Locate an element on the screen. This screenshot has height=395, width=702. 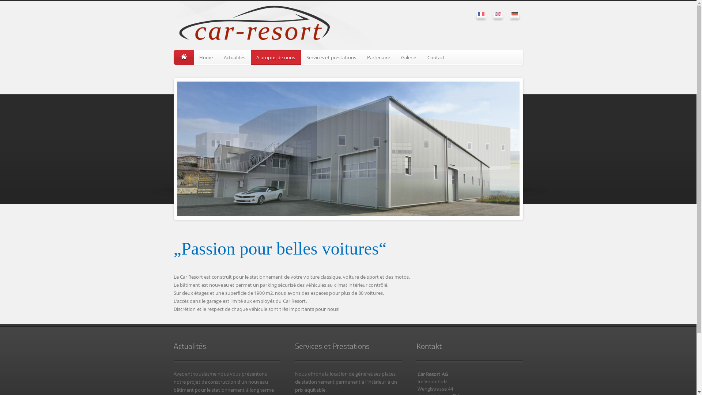
'Partenaire' is located at coordinates (378, 57).